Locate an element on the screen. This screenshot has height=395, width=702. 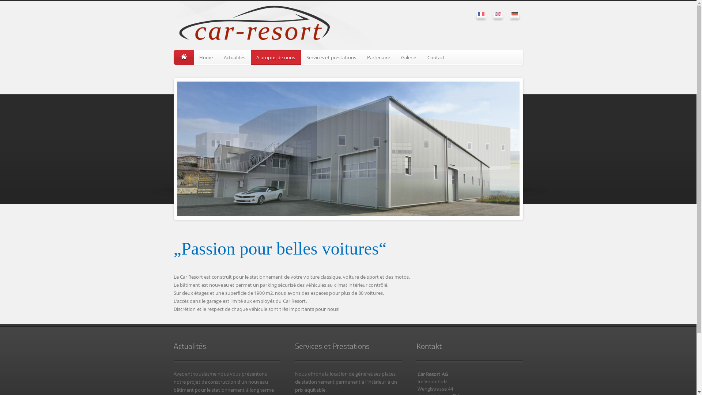
'Partenaire' is located at coordinates (378, 57).